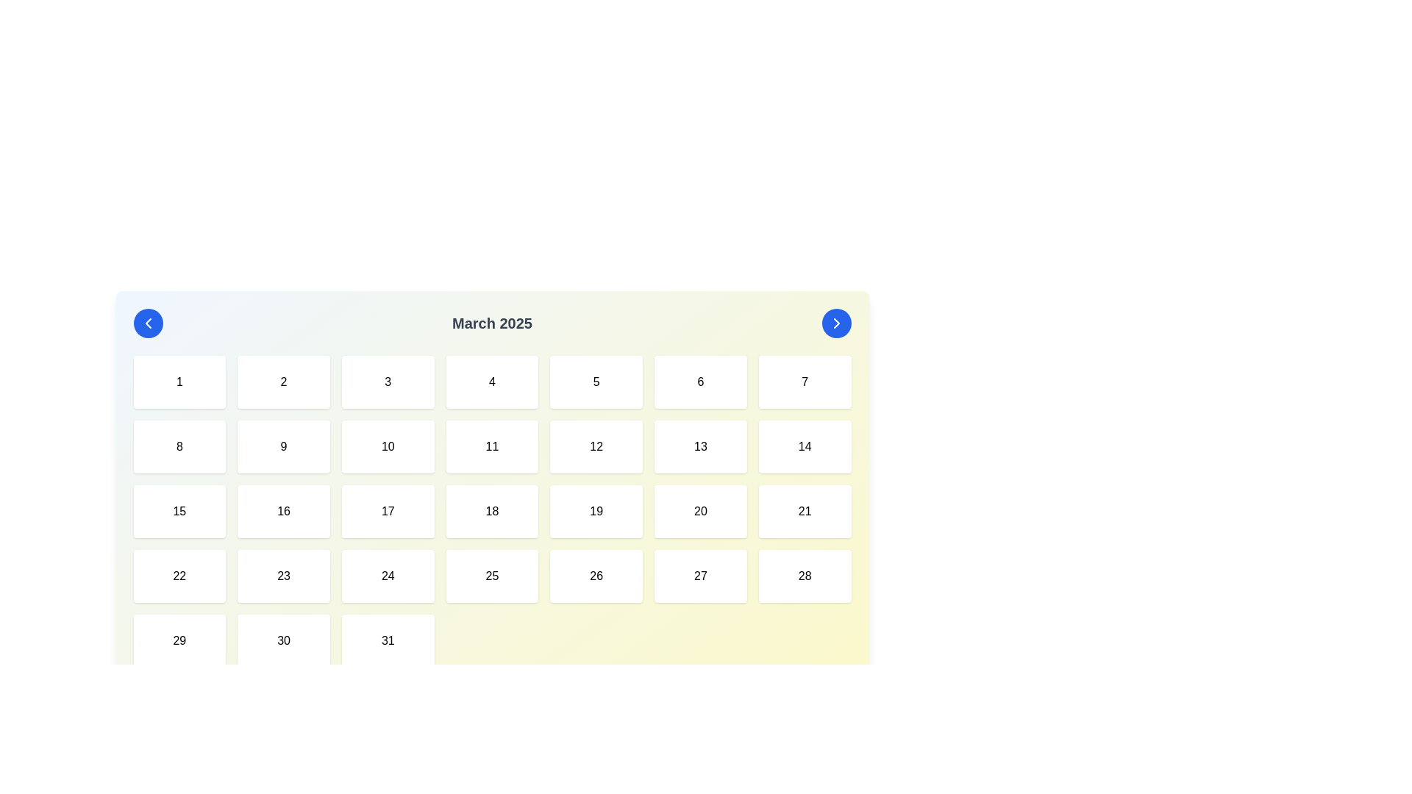 Image resolution: width=1412 pixels, height=794 pixels. Describe the element at coordinates (596, 575) in the screenshot. I see `the calendar date button located in the fourth row and fifth column of the calendar grid` at that location.